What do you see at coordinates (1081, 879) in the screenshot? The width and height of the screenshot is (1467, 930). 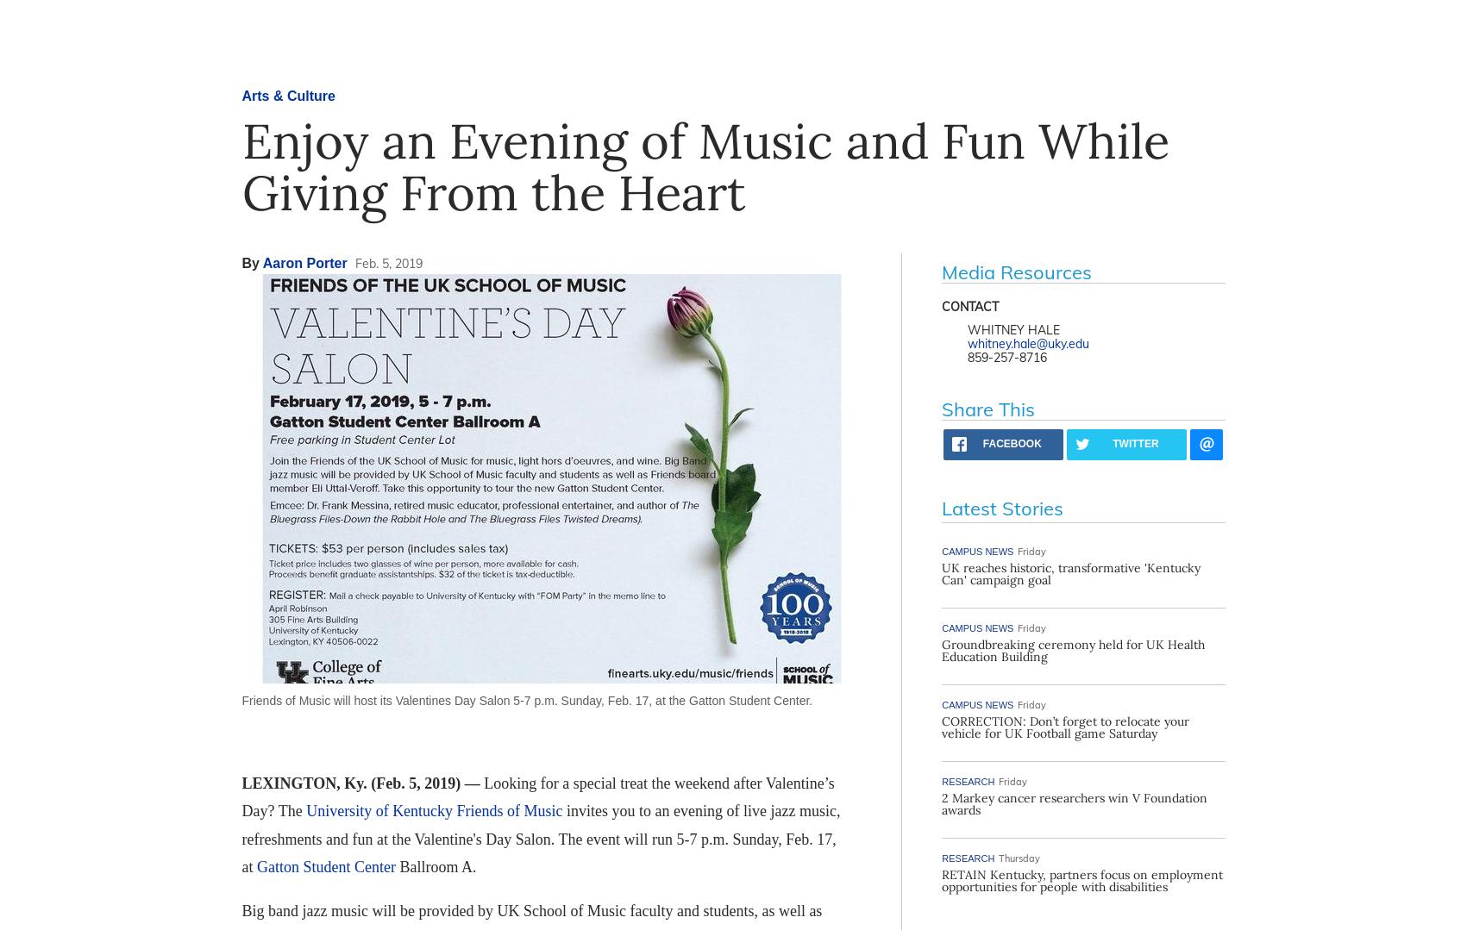 I see `'RETAIN Kentucky, partners focus on employment opportunities for people with disabilities'` at bounding box center [1081, 879].